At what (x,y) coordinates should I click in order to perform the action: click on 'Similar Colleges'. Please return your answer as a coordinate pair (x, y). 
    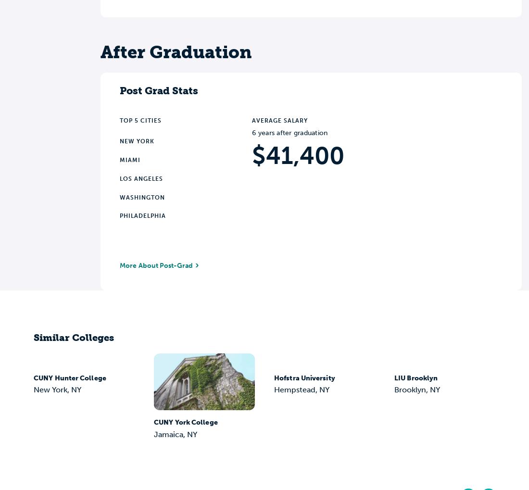
    Looking at the image, I should click on (73, 337).